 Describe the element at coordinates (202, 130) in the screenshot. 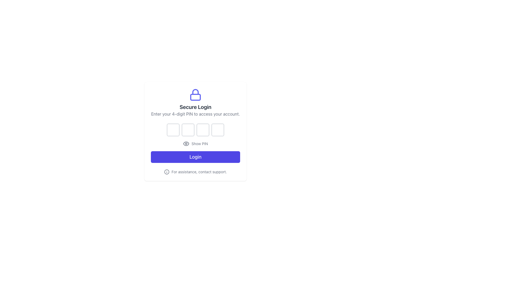

I see `on the third password input field, which has a gray border and rounded corners` at that location.